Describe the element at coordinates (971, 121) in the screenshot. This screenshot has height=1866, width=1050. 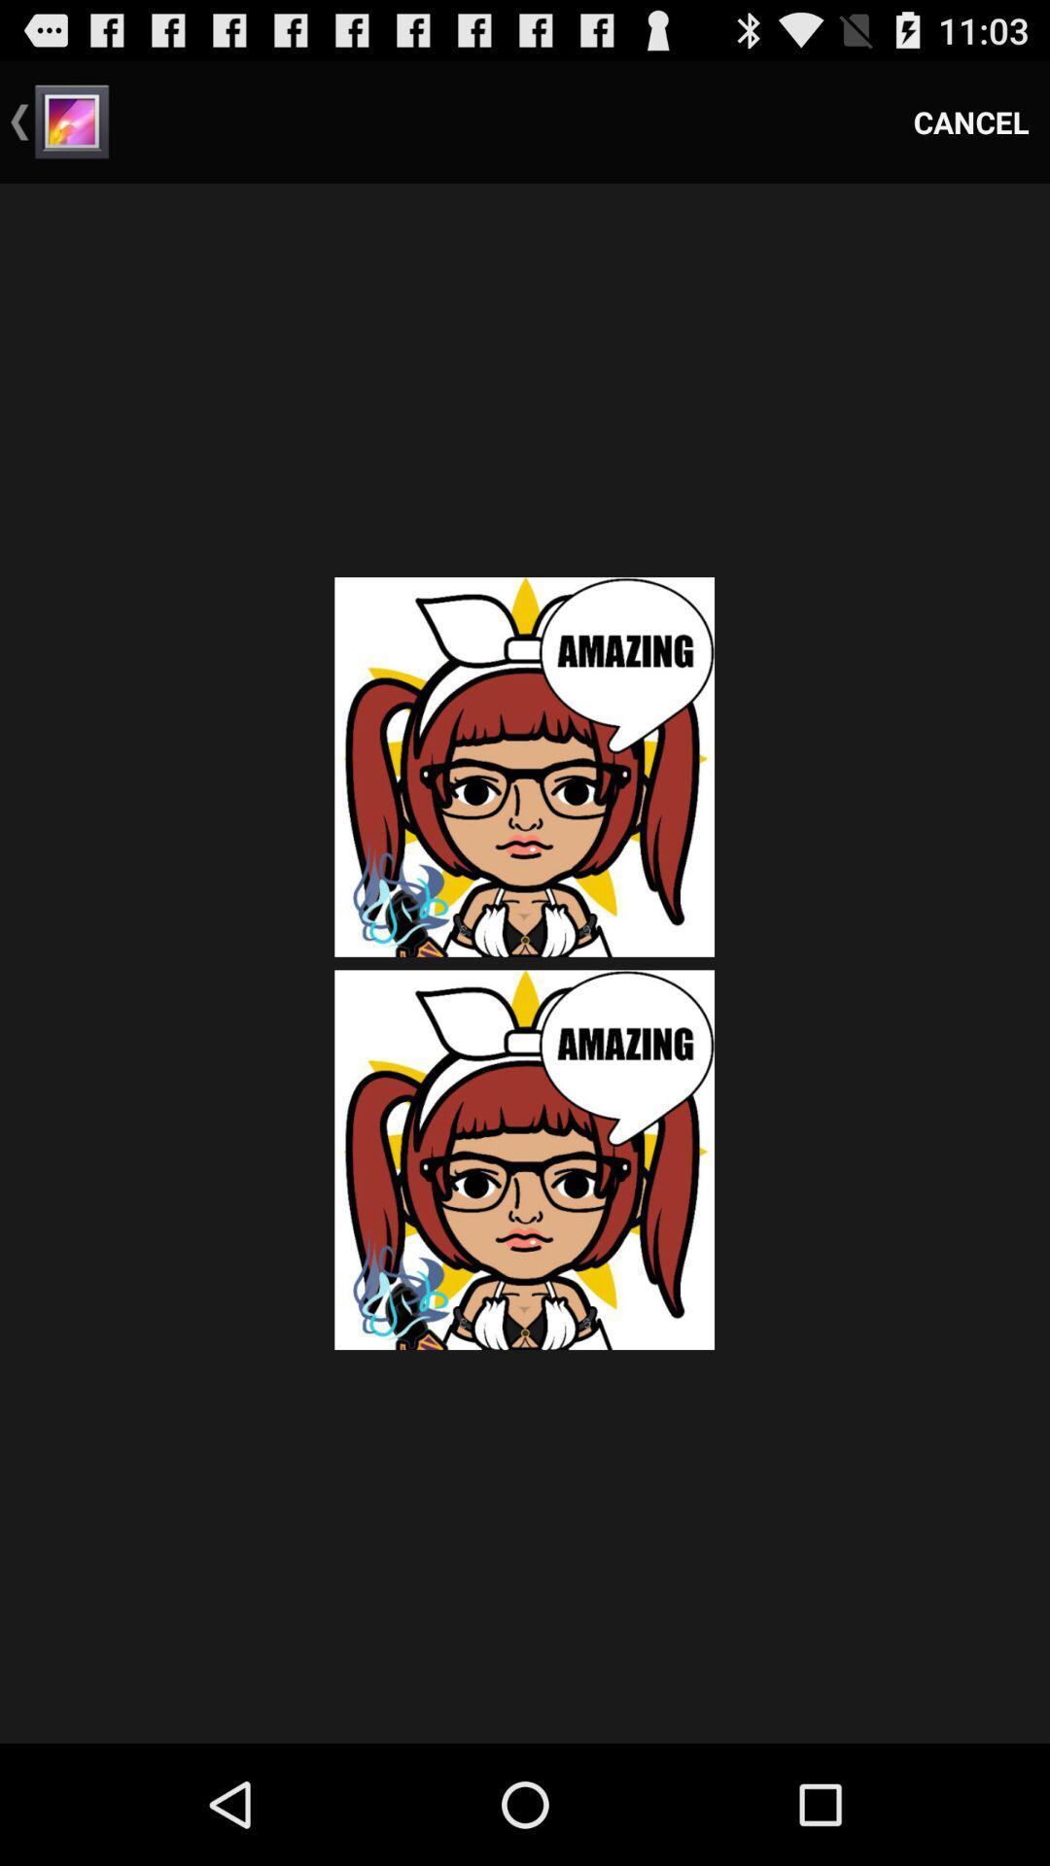
I see `cancel icon` at that location.